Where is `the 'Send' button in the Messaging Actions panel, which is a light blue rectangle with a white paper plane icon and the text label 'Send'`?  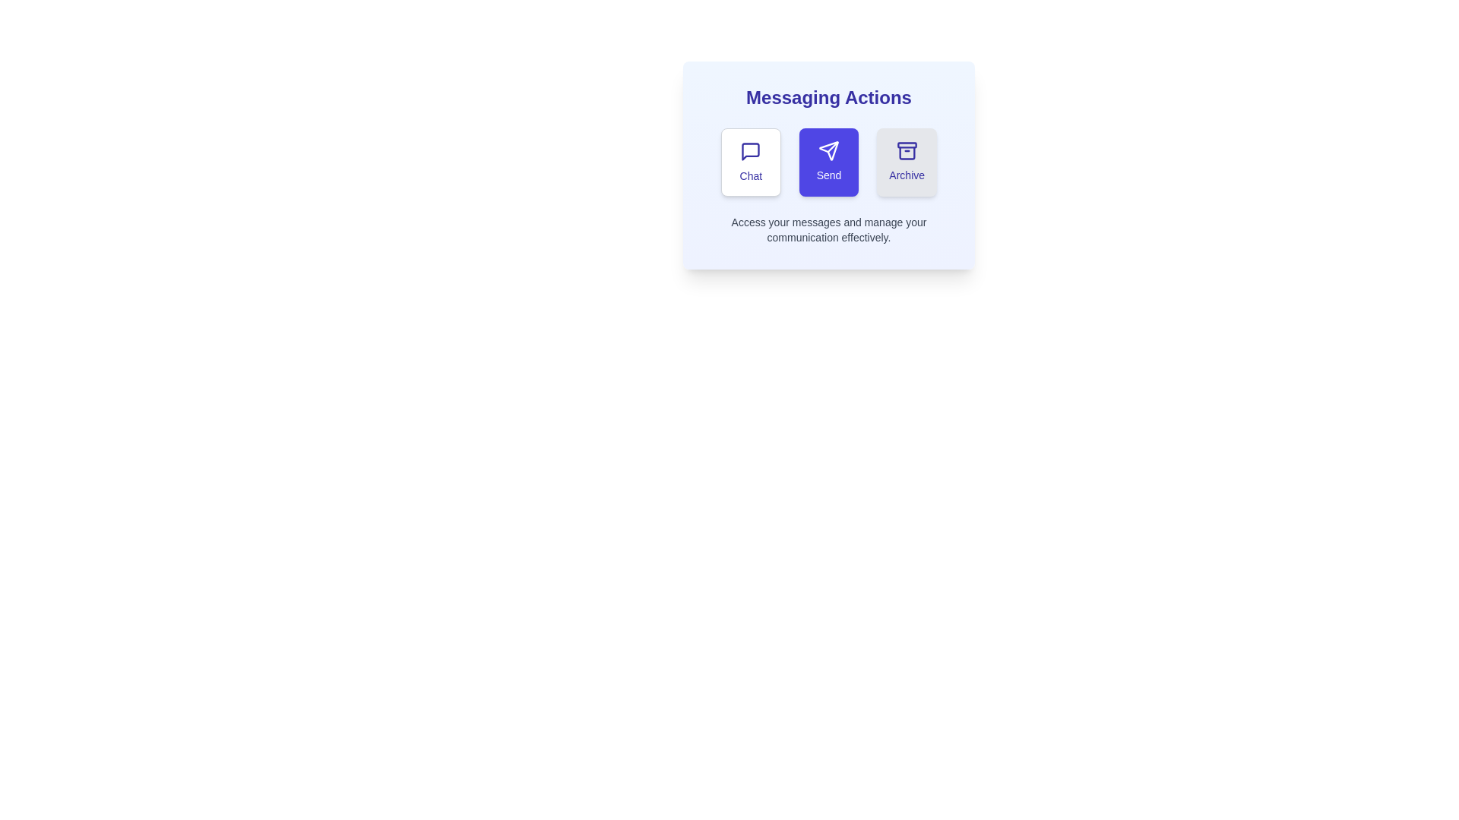 the 'Send' button in the Messaging Actions panel, which is a light blue rectangle with a white paper plane icon and the text label 'Send' is located at coordinates (828, 162).